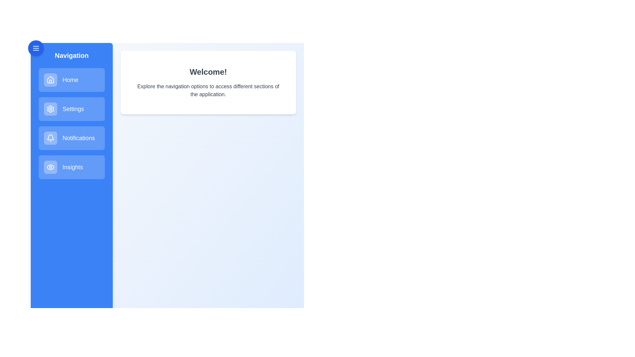 The image size is (635, 357). I want to click on the menu item corresponding to Notifications, so click(71, 138).